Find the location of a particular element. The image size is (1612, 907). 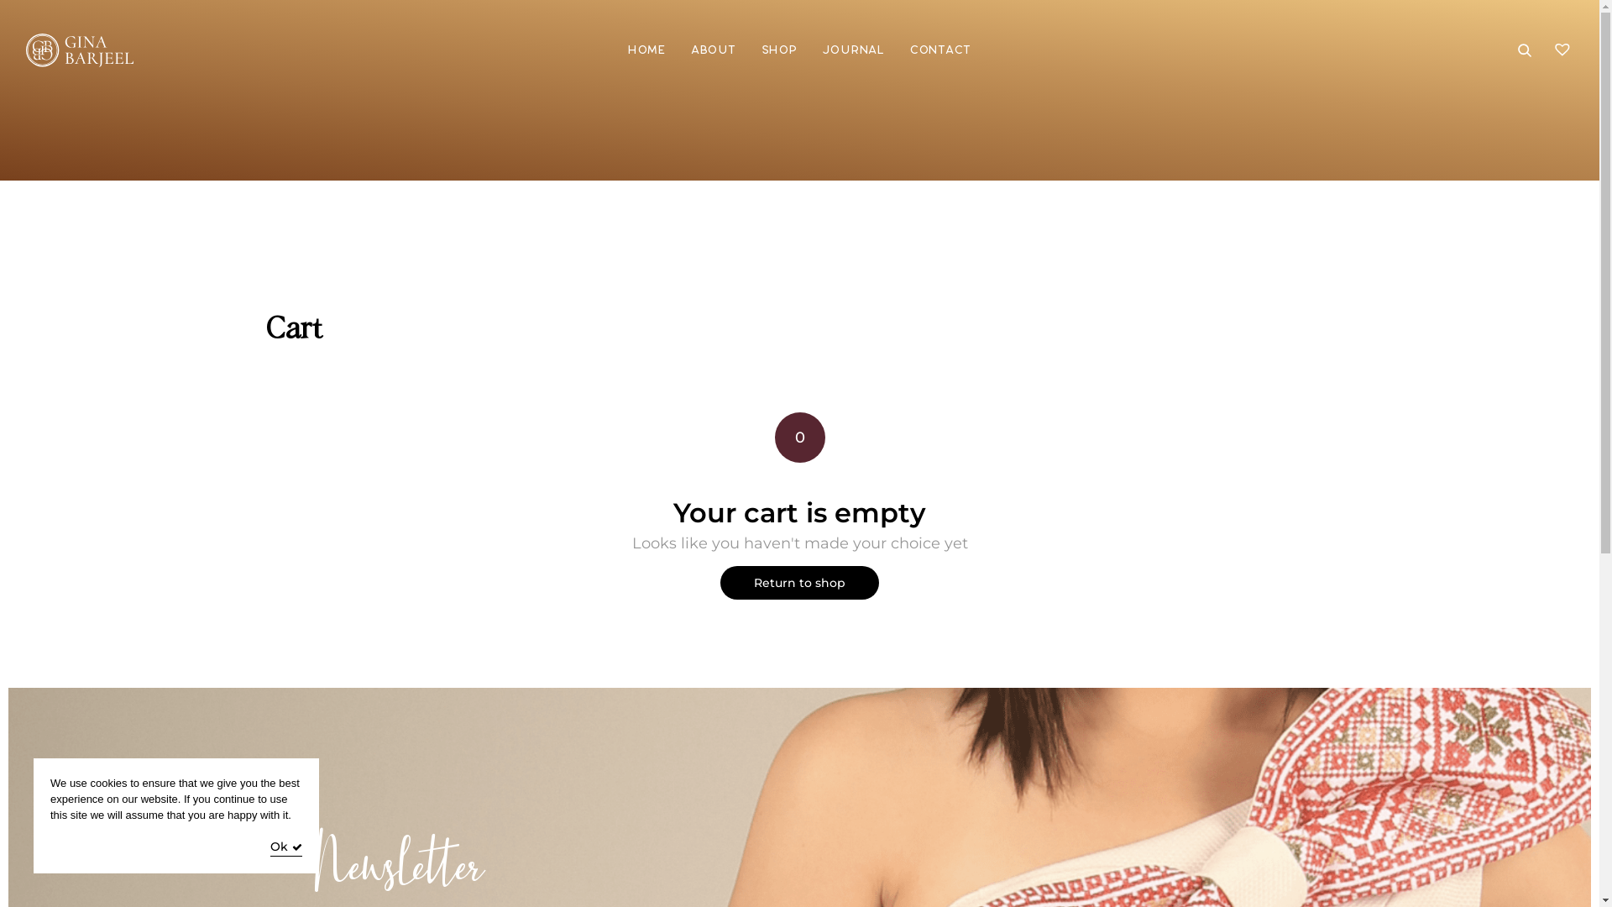

'Contact' is located at coordinates (940, 50).